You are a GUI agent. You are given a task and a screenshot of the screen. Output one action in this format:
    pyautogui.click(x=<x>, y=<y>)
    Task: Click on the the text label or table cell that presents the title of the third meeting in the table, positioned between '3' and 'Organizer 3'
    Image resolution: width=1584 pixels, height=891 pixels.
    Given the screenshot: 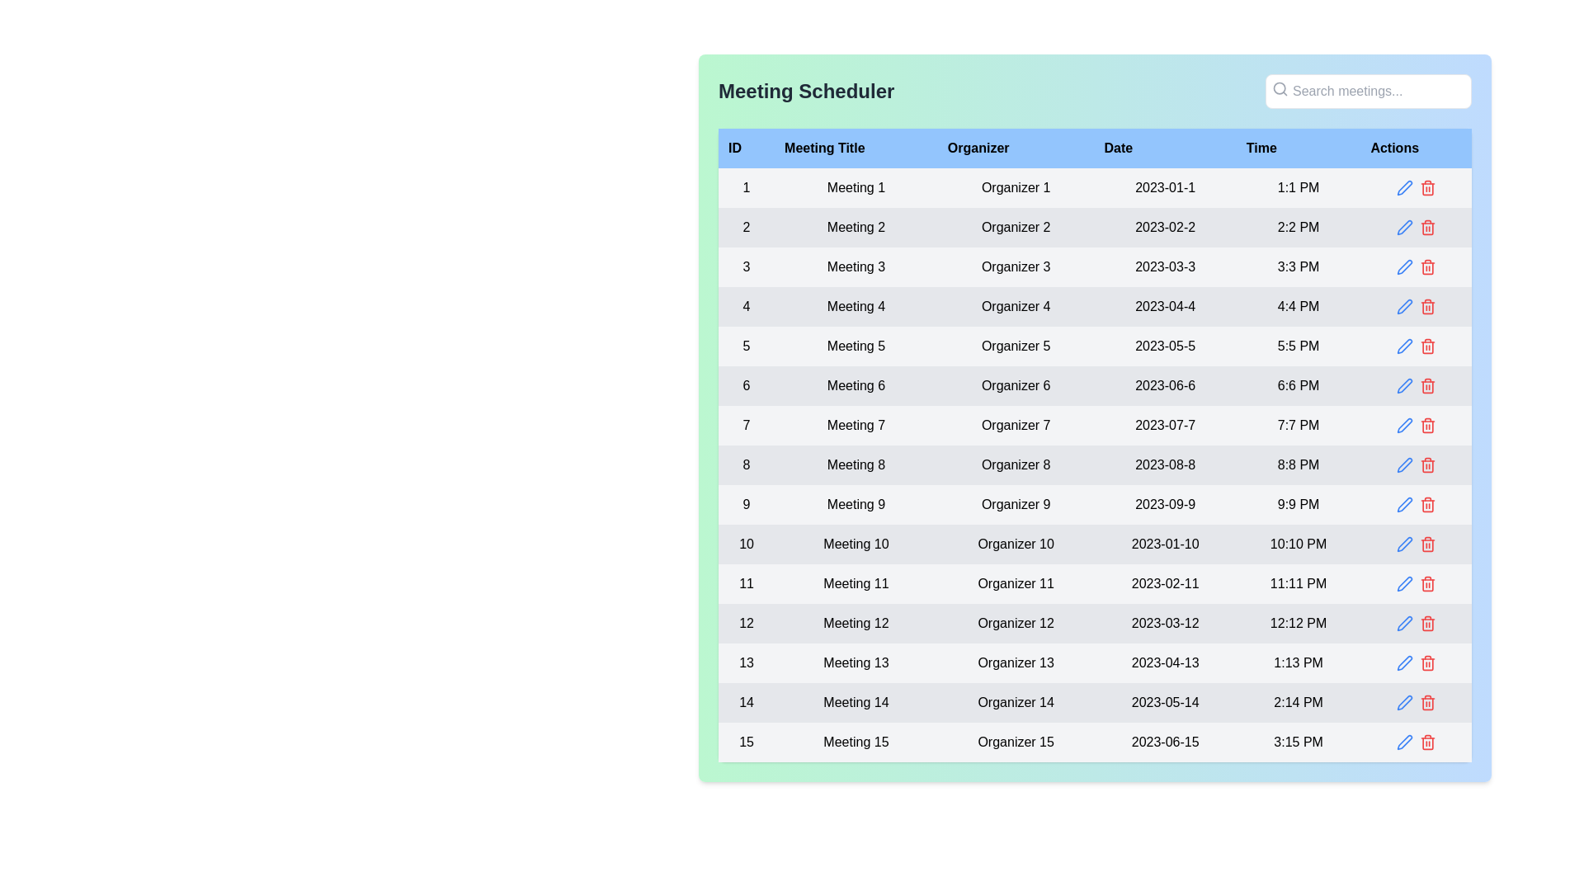 What is the action you would take?
    pyautogui.click(x=856, y=266)
    